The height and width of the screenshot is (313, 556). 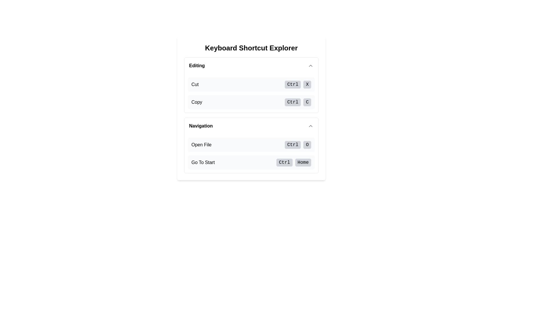 I want to click on the upward-pointing chevron icon, so click(x=310, y=126).